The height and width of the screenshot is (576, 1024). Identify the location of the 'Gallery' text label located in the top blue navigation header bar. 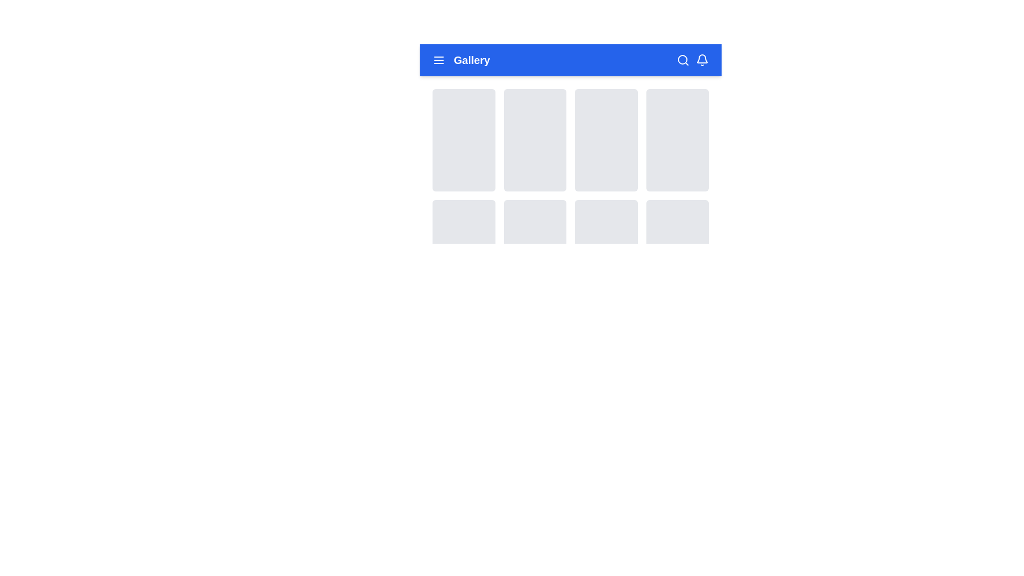
(461, 60).